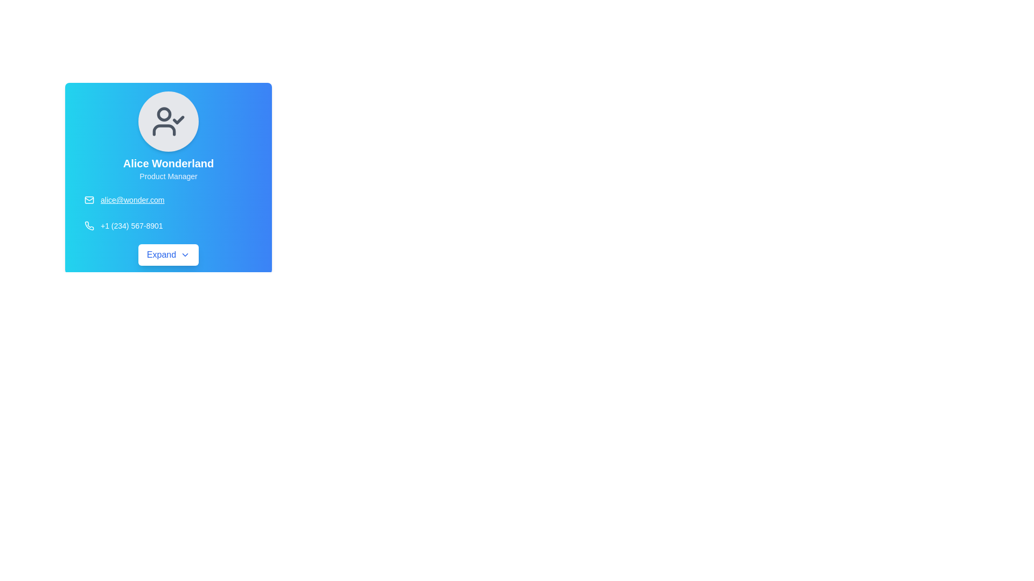 The image size is (1034, 581). What do you see at coordinates (185, 255) in the screenshot?
I see `the dropdown indicator icon located on the right side of the 'Expand' button at the bottom center of the profile card layout` at bounding box center [185, 255].